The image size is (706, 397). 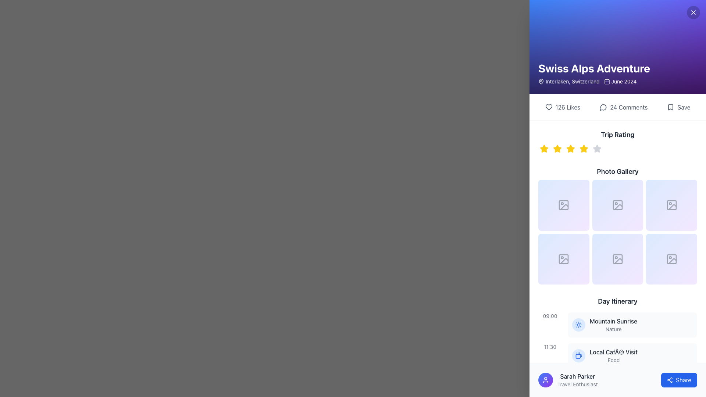 I want to click on the Informative entry component for the 11:30 time slot in the Day Itinerary section, so click(x=632, y=355).